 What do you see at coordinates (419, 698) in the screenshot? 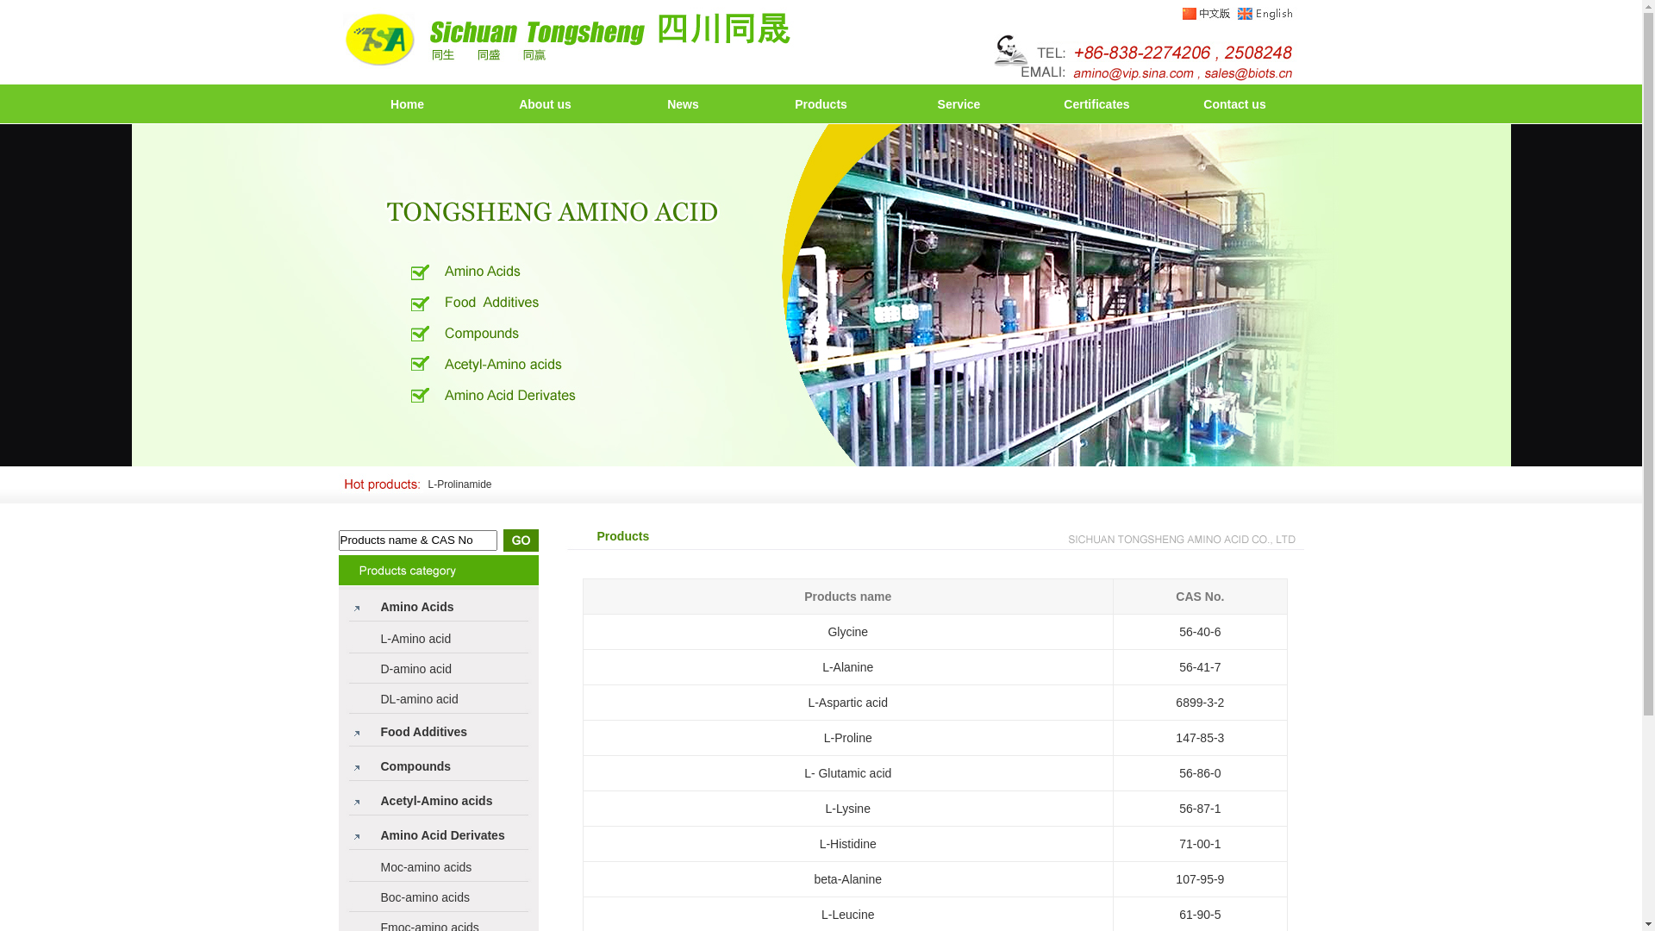
I see `'DL-amino acid'` at bounding box center [419, 698].